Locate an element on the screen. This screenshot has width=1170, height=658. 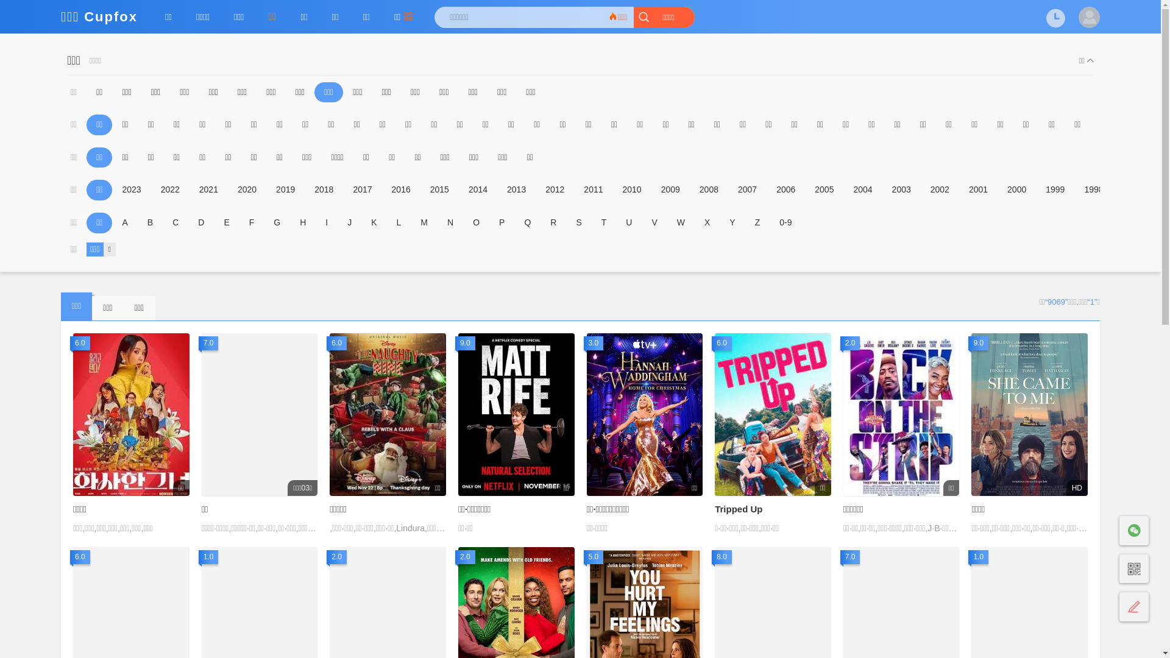
'2006' is located at coordinates (785, 190).